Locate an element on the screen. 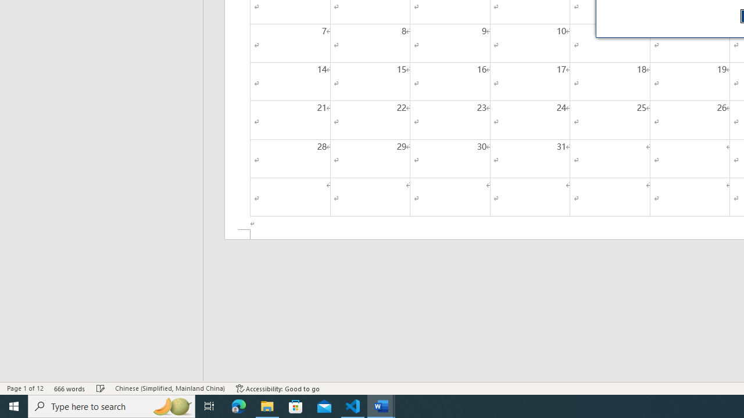 The height and width of the screenshot is (418, 744). 'Task View' is located at coordinates (209, 405).